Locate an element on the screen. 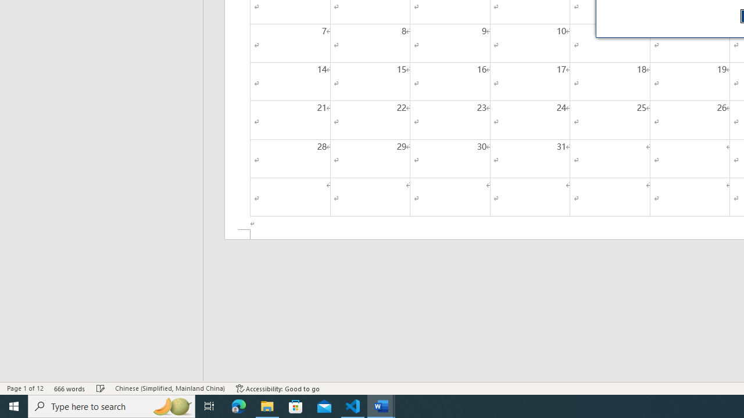 The height and width of the screenshot is (418, 744). 'Task View' is located at coordinates (209, 405).